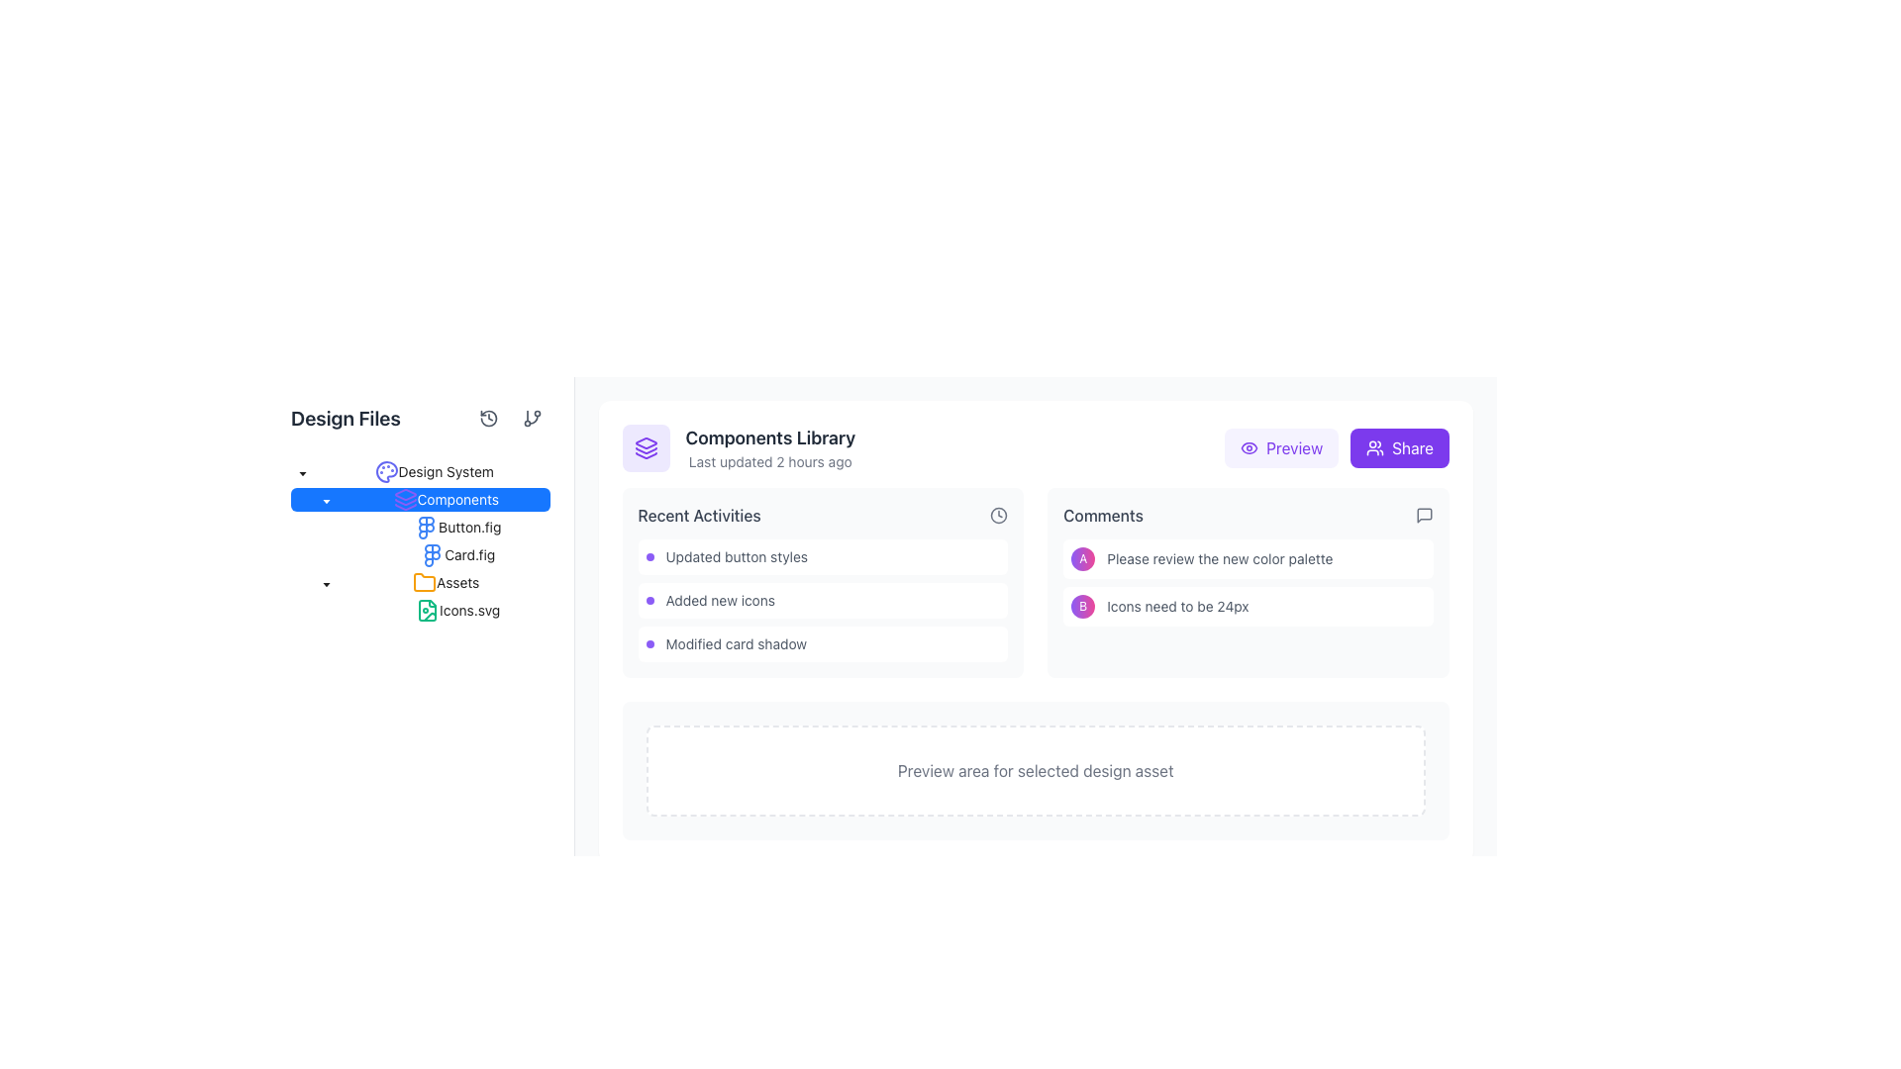  I want to click on the user-sharing icon located on the left side of the 'Share' button, which is next to the 'Preview' button at the top-right of the interface, so click(1374, 447).